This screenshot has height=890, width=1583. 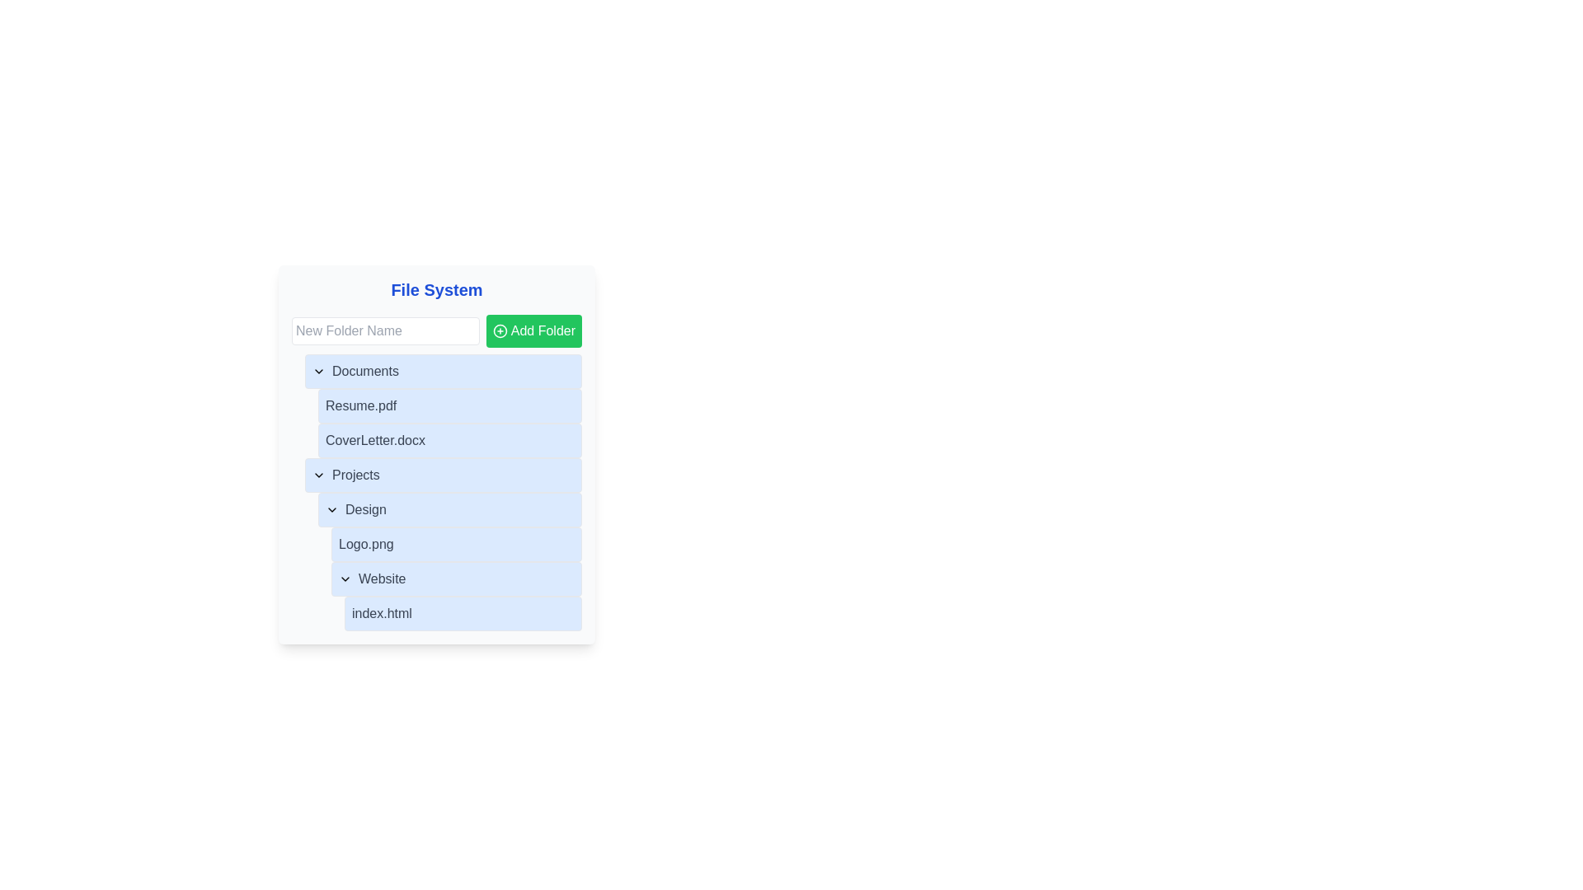 I want to click on the Dropdown toggle icon (chevron) located in the 'Projects' section, so click(x=322, y=475).